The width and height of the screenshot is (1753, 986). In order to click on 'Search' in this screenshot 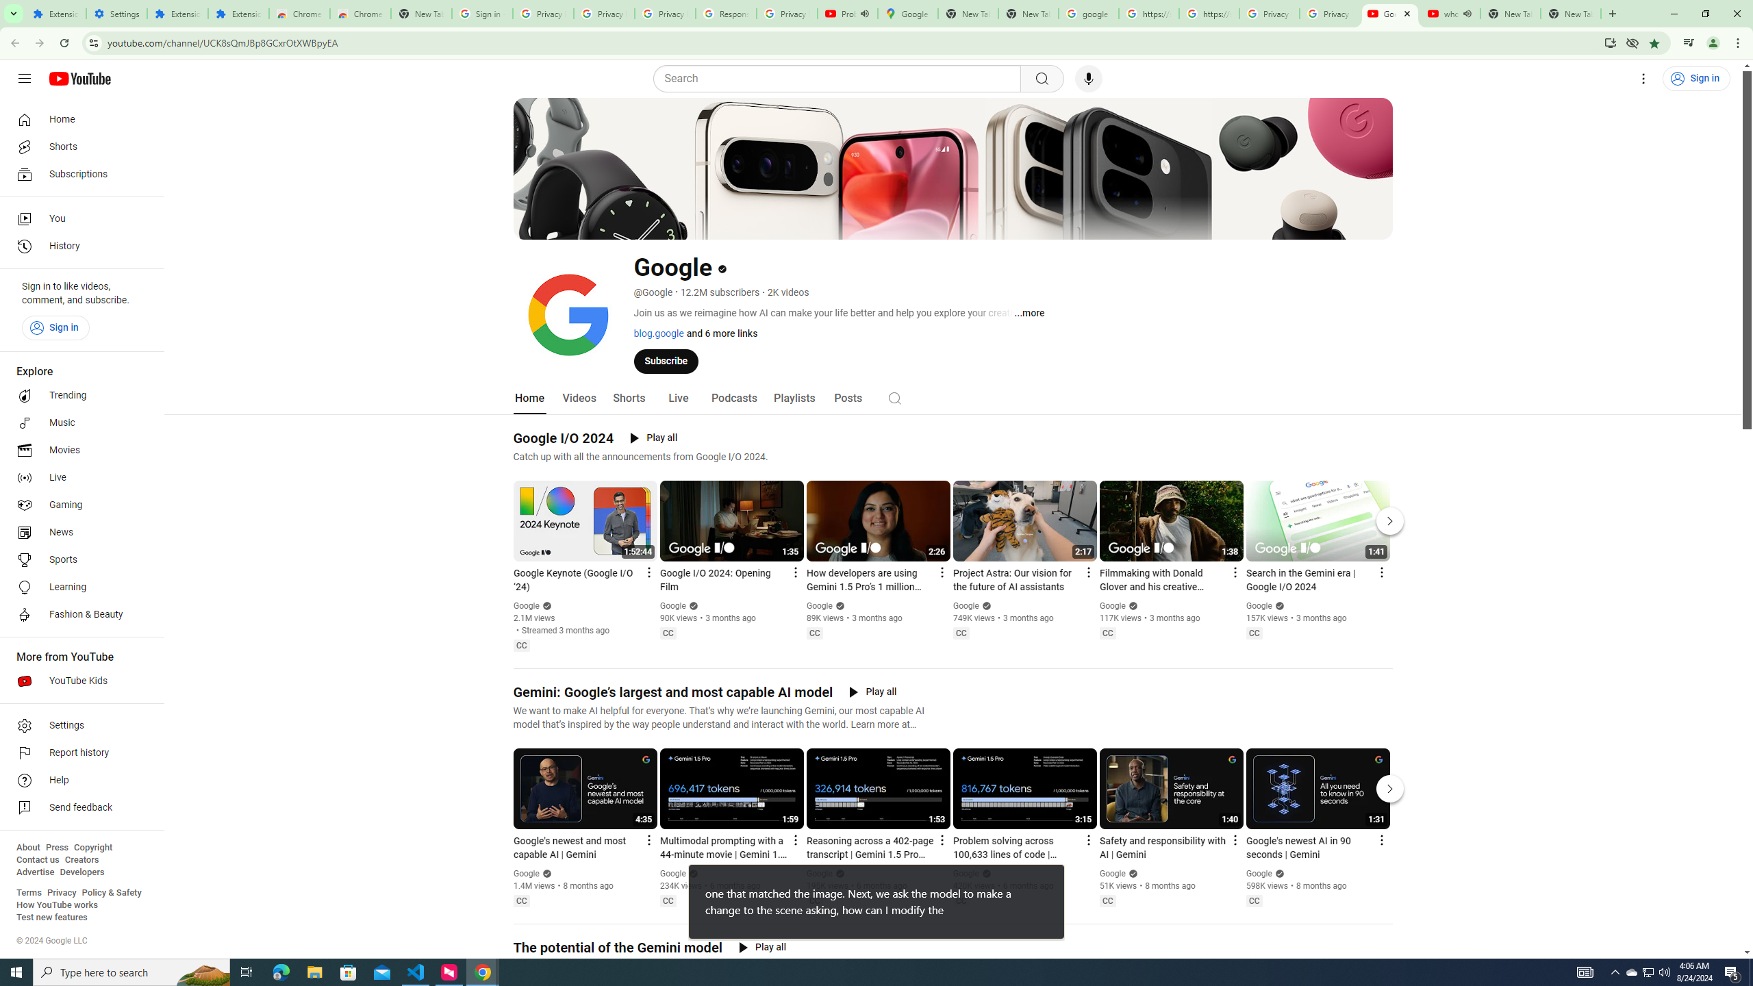, I will do `click(840, 78)`.